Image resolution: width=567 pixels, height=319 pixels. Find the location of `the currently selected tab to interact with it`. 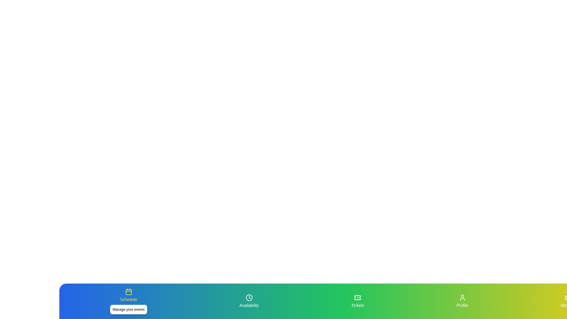

the currently selected tab to interact with it is located at coordinates (128, 301).